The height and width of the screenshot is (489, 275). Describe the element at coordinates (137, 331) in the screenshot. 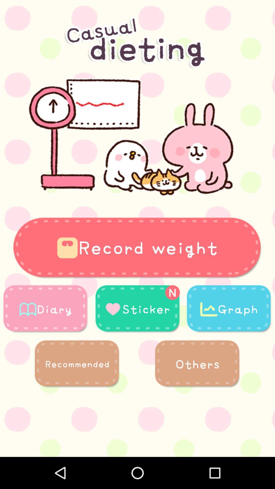

I see `the more icon` at that location.